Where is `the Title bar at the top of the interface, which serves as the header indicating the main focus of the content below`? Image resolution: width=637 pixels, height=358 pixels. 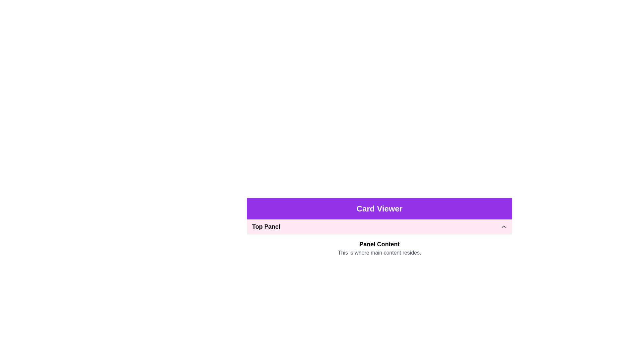
the Title bar at the top of the interface, which serves as the header indicating the main focus of the content below is located at coordinates (379, 208).